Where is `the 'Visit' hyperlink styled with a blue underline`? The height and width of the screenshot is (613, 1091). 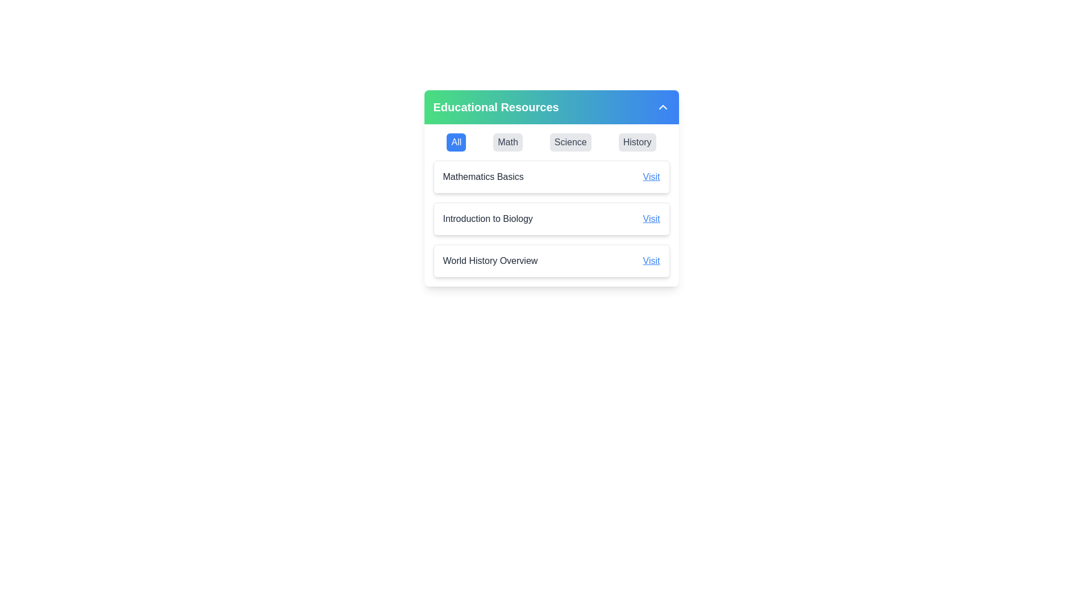
the 'Visit' hyperlink styled with a blue underline is located at coordinates (651, 261).